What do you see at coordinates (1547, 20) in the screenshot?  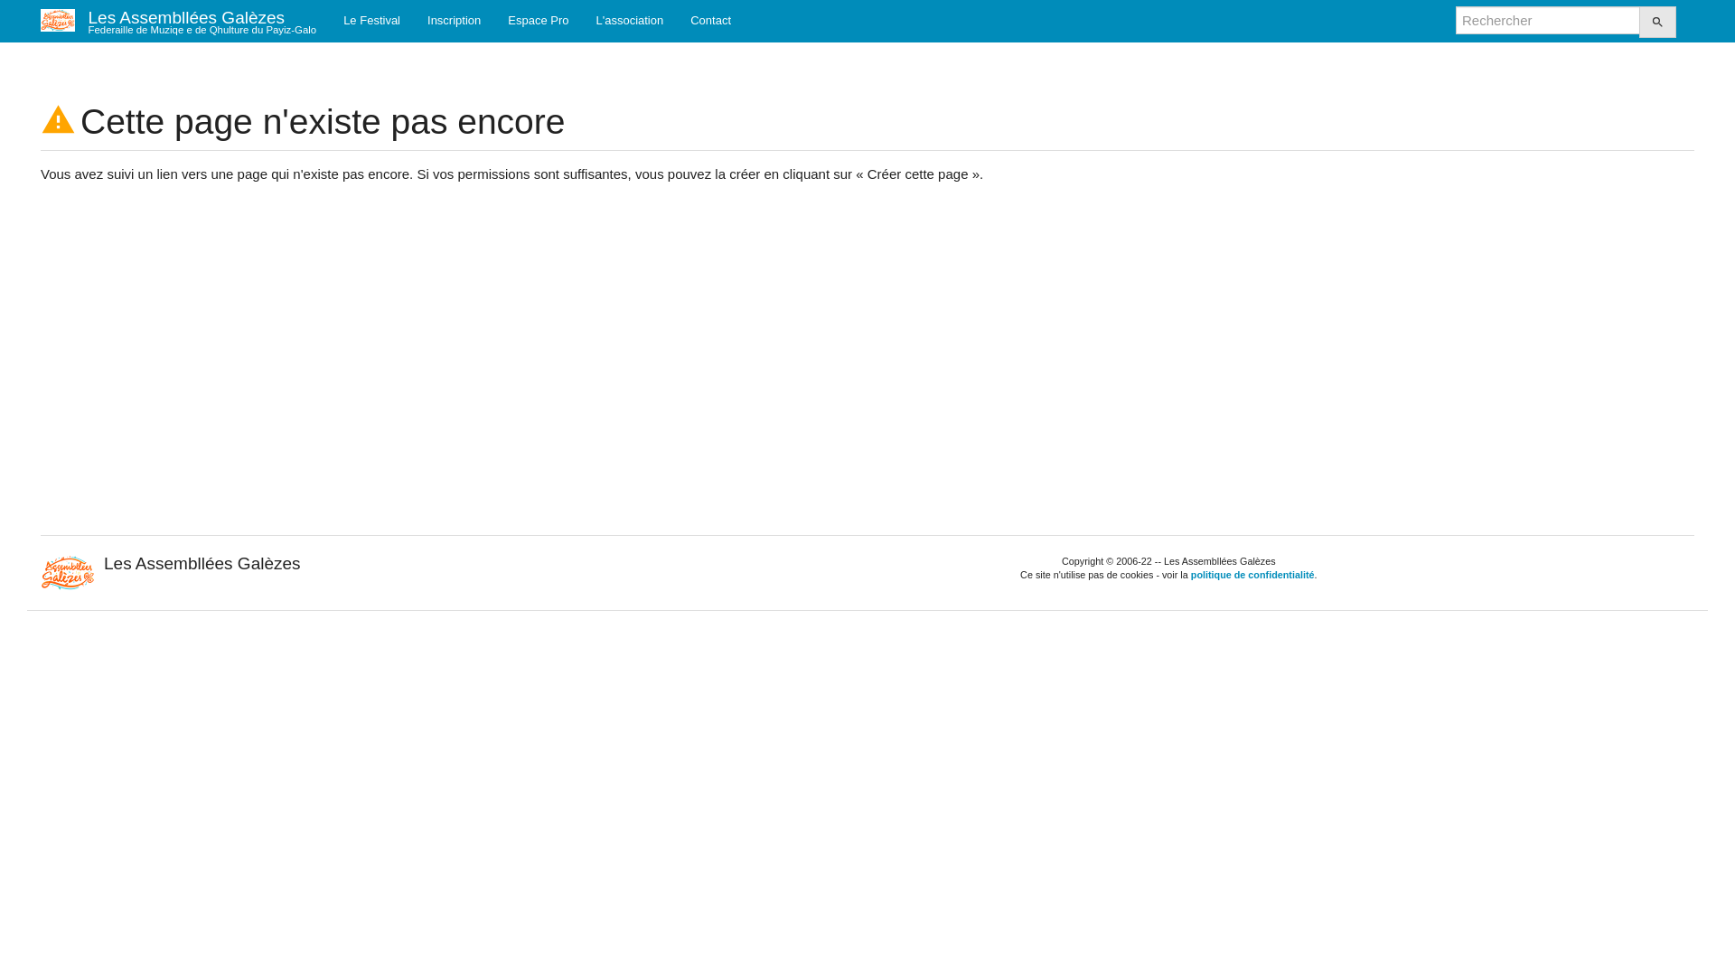 I see `'[F]'` at bounding box center [1547, 20].